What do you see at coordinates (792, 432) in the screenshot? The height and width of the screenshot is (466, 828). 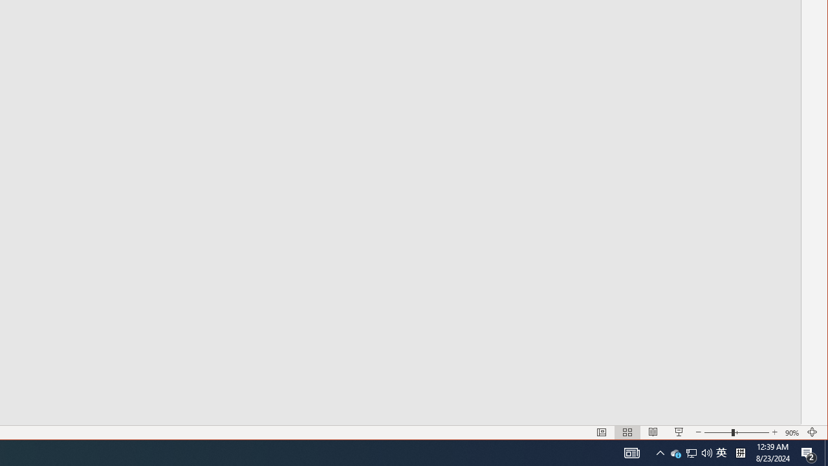 I see `'Zoom 90%'` at bounding box center [792, 432].